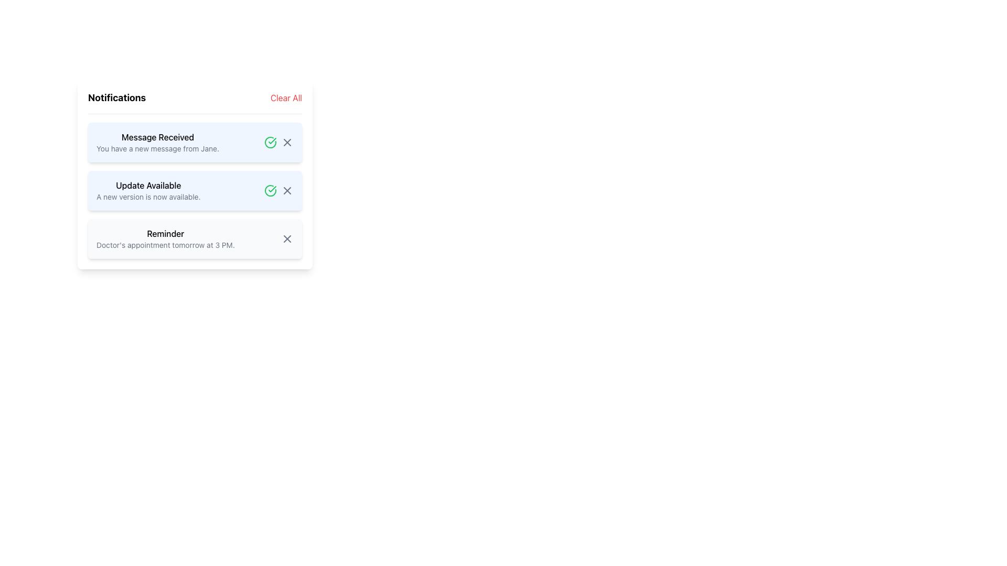 This screenshot has width=1007, height=566. Describe the element at coordinates (287, 143) in the screenshot. I see `the 'X' icon button, which is a gray button that dismisses the associated notification in the notification card` at that location.